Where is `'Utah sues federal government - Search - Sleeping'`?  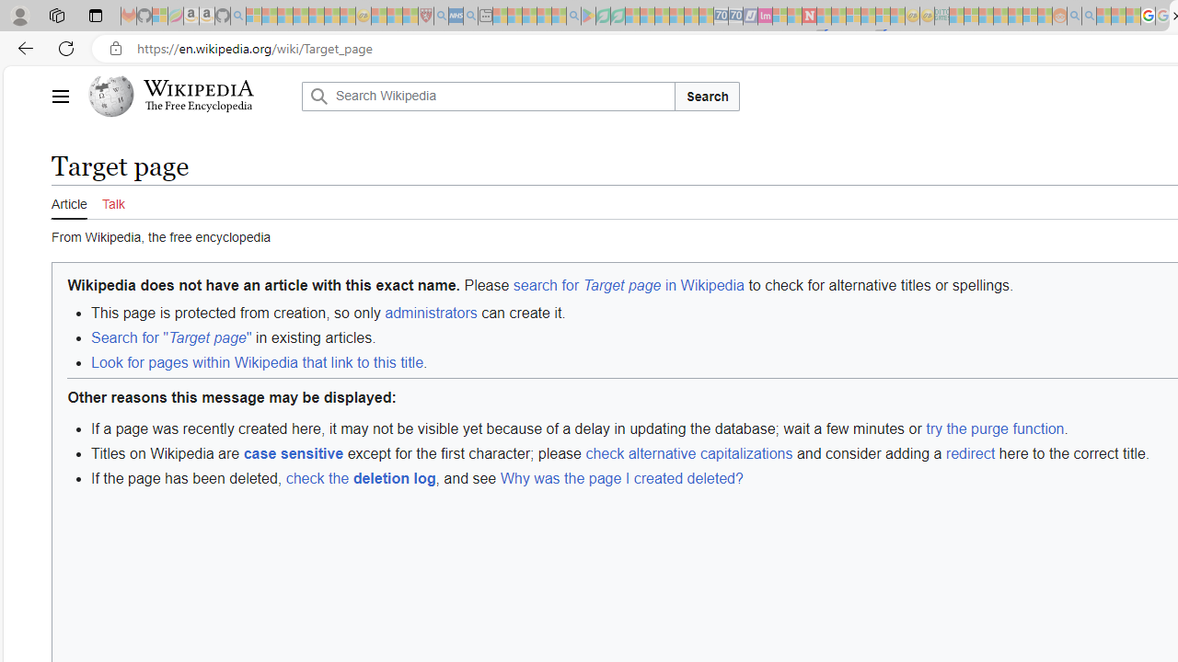 'Utah sues federal government - Search - Sleeping' is located at coordinates (1090, 16).